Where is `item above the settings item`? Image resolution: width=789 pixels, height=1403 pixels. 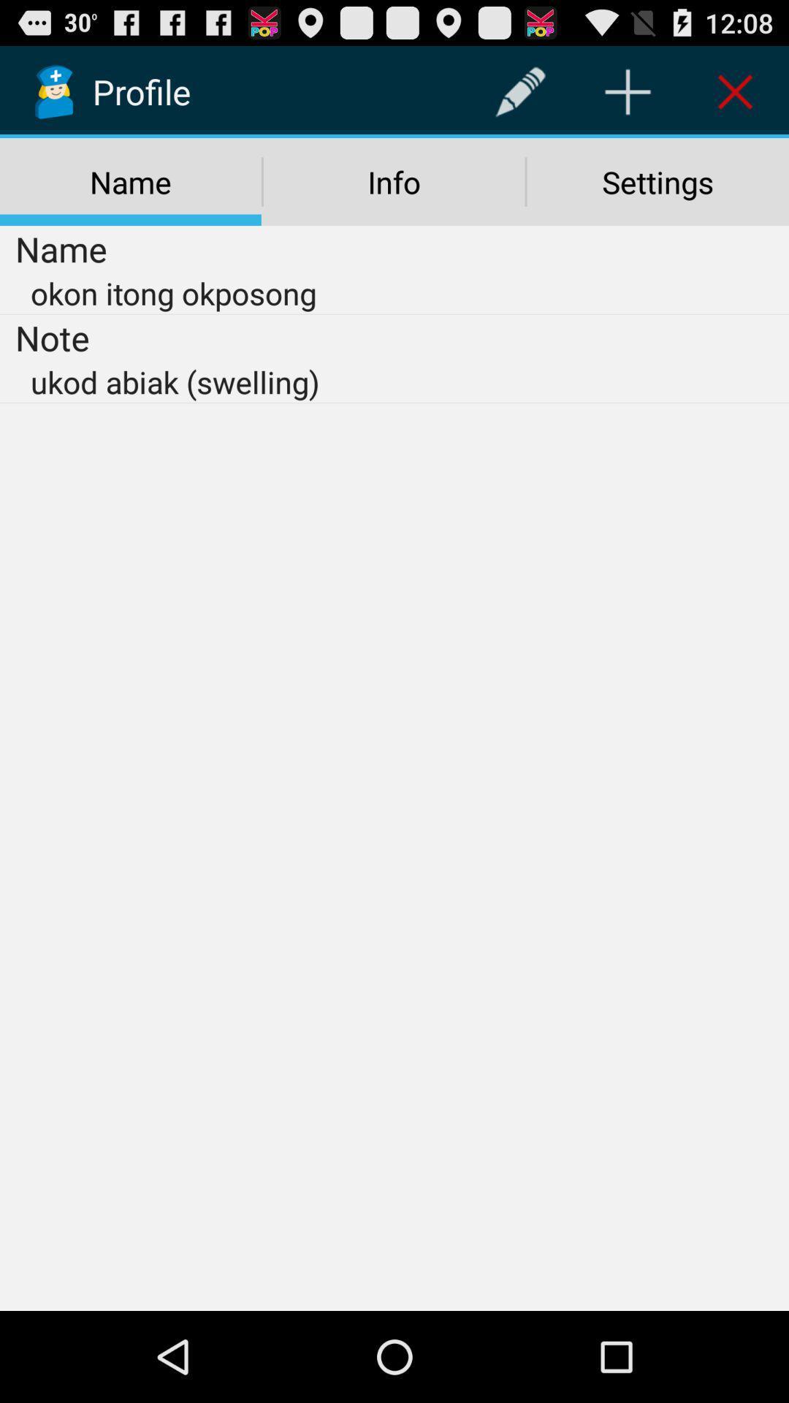 item above the settings item is located at coordinates (627, 91).